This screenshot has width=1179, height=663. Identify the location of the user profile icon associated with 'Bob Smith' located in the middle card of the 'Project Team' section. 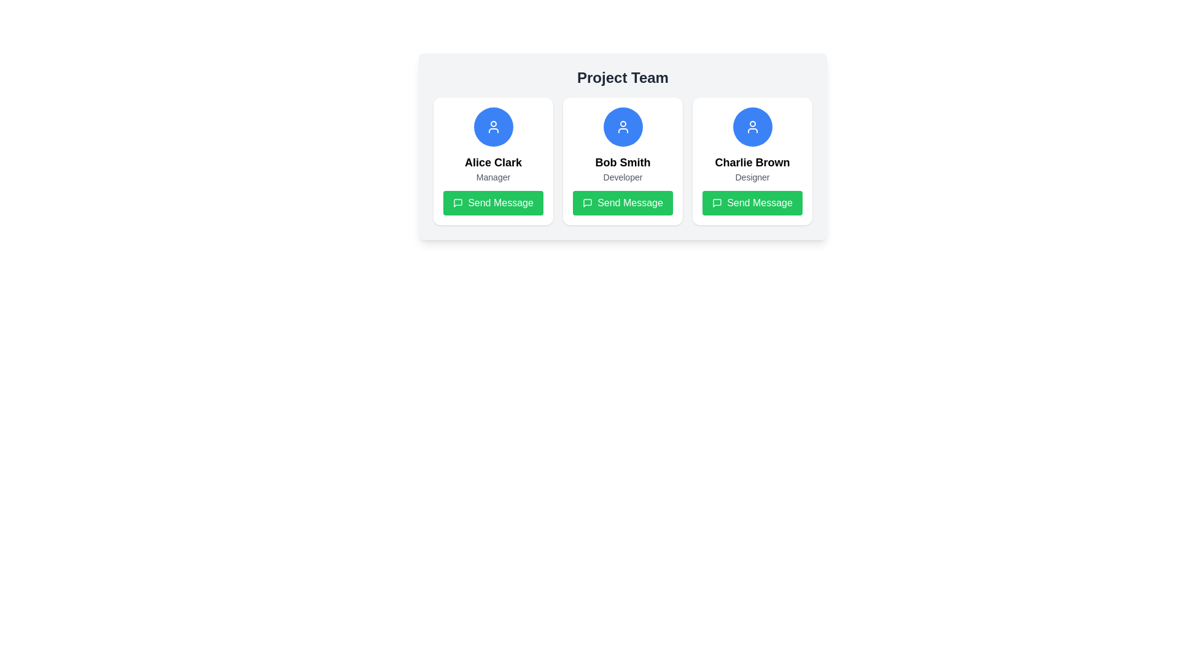
(623, 127).